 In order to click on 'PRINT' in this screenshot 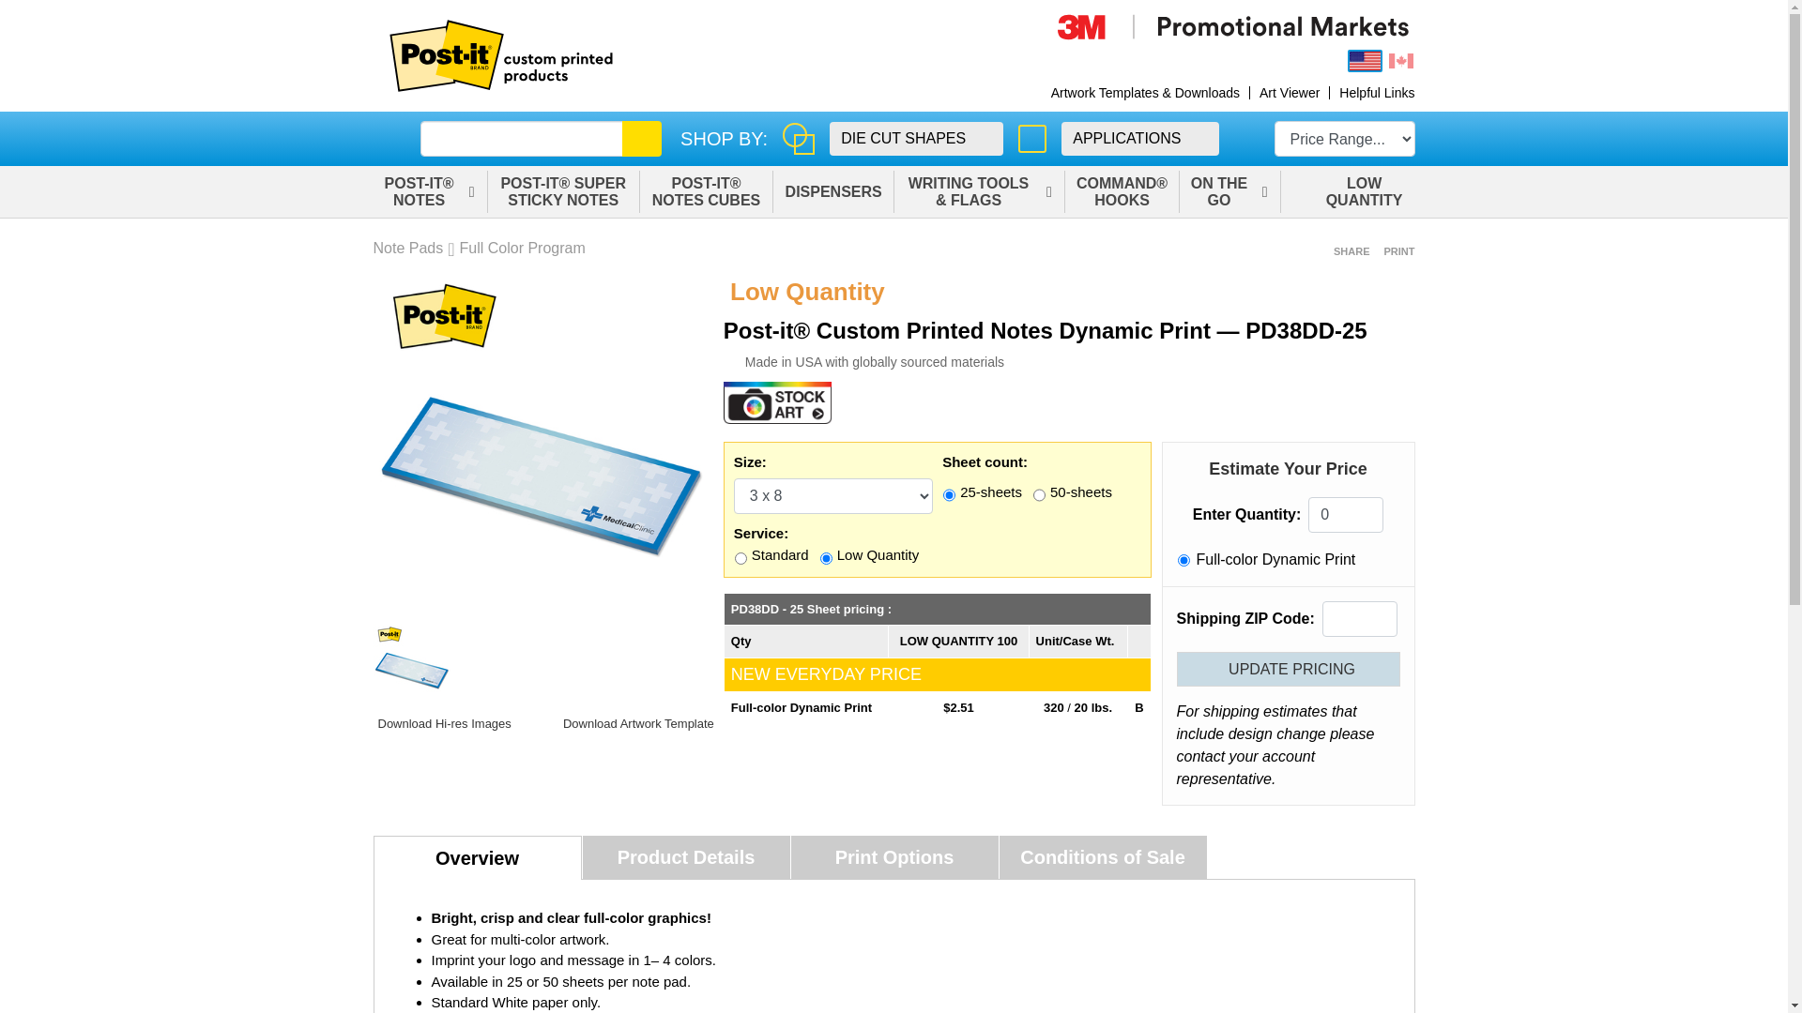, I will do `click(1397, 250)`.